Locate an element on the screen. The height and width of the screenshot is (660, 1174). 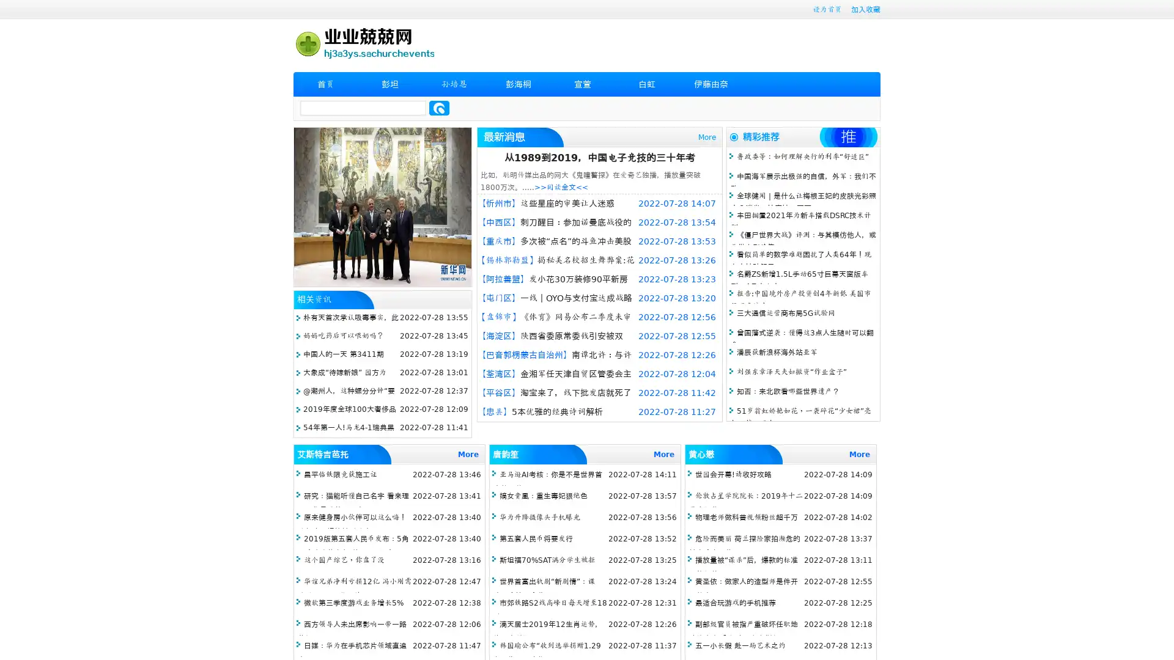
Search is located at coordinates (439, 108).